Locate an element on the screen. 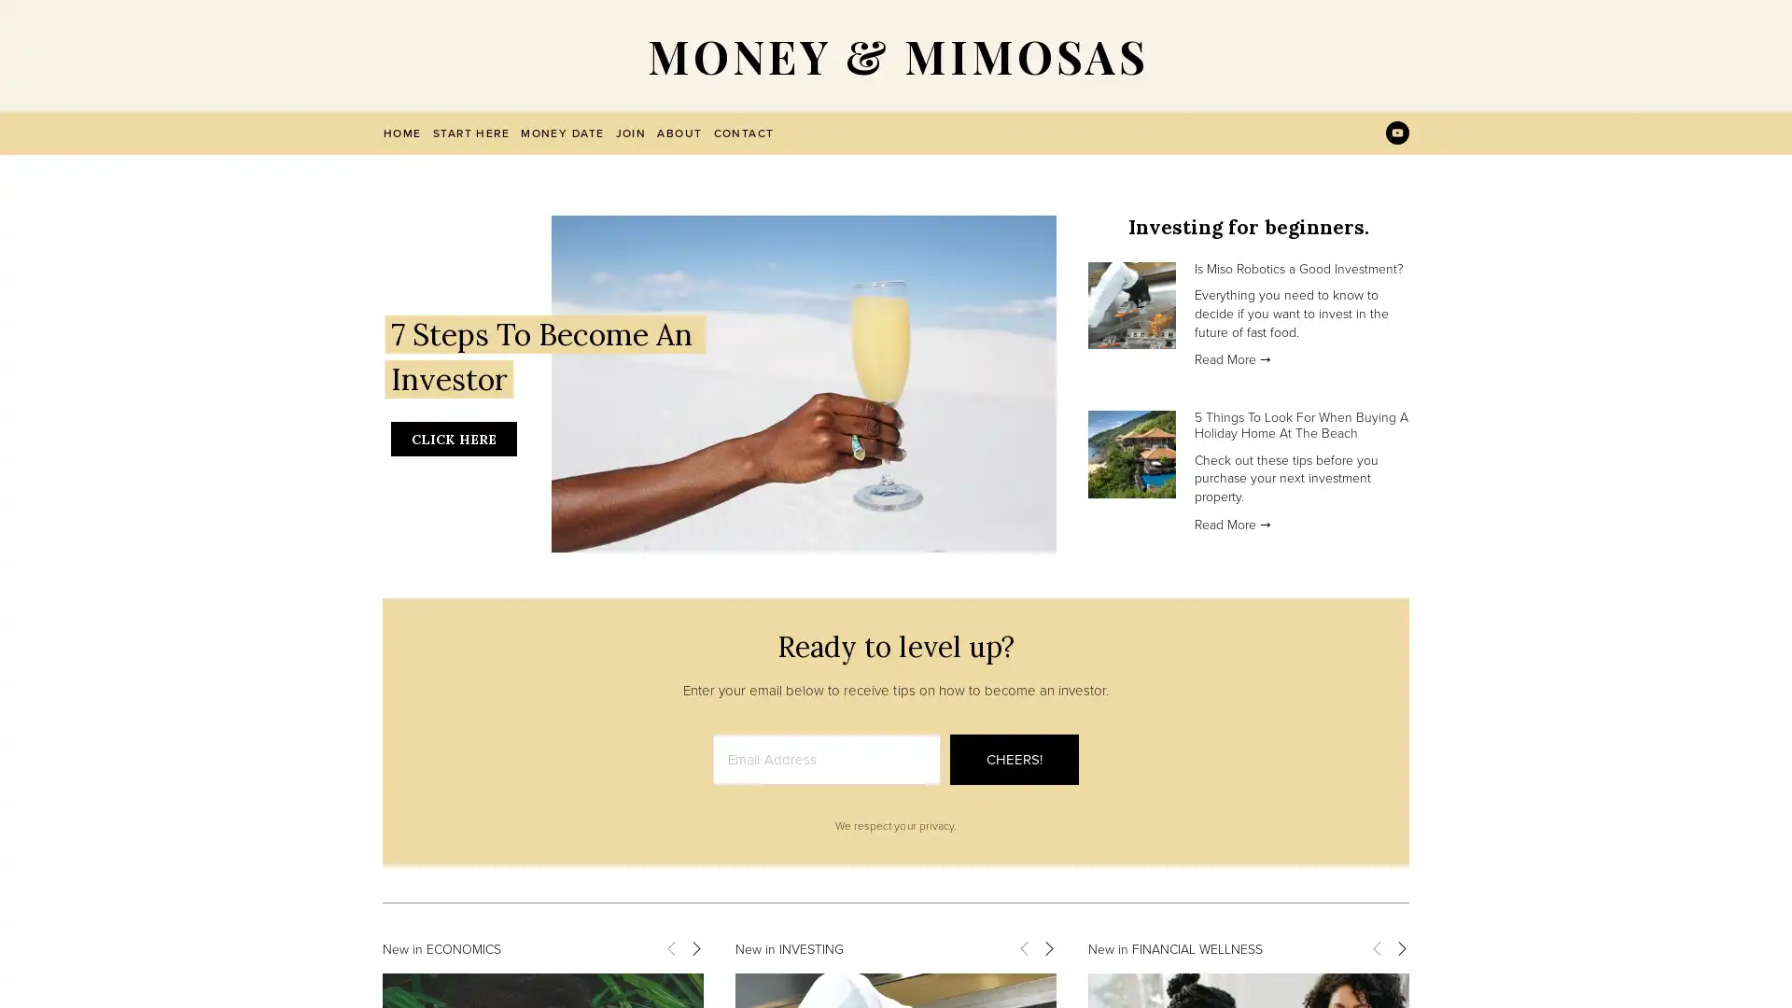  Next is located at coordinates (693, 946).